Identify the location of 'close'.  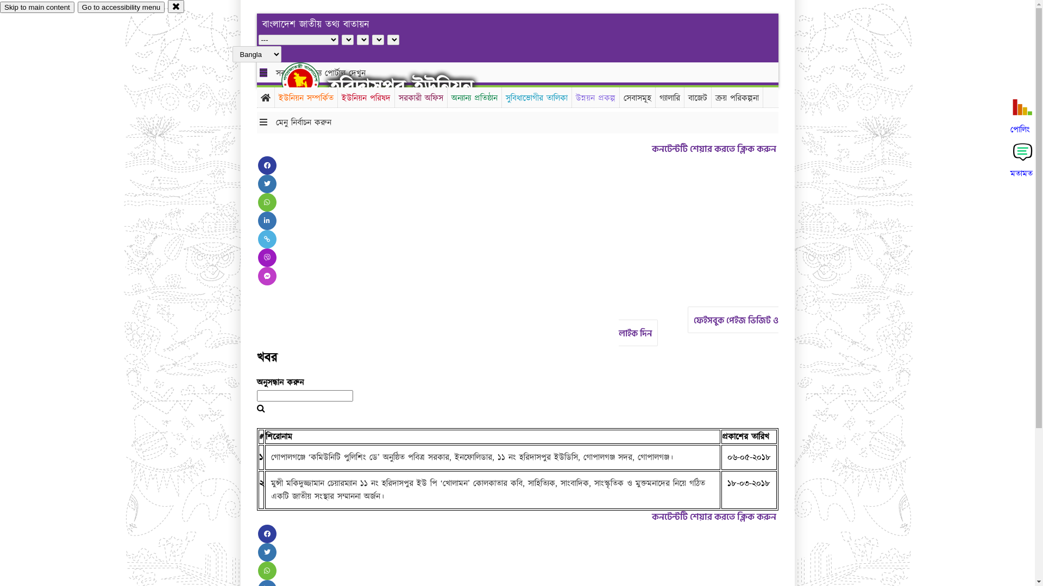
(176, 6).